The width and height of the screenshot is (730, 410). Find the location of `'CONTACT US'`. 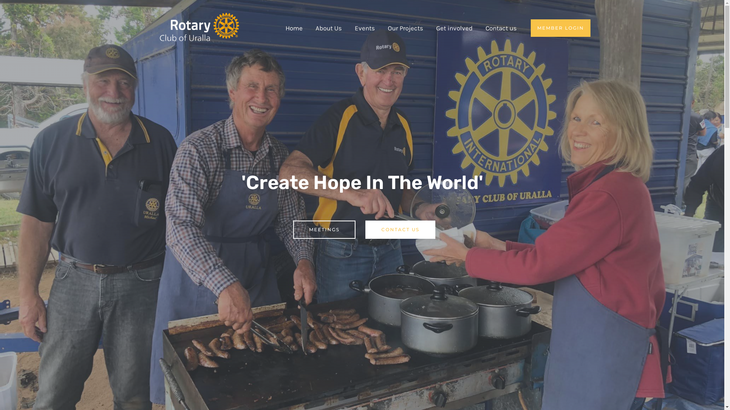

'CONTACT US' is located at coordinates (399, 229).